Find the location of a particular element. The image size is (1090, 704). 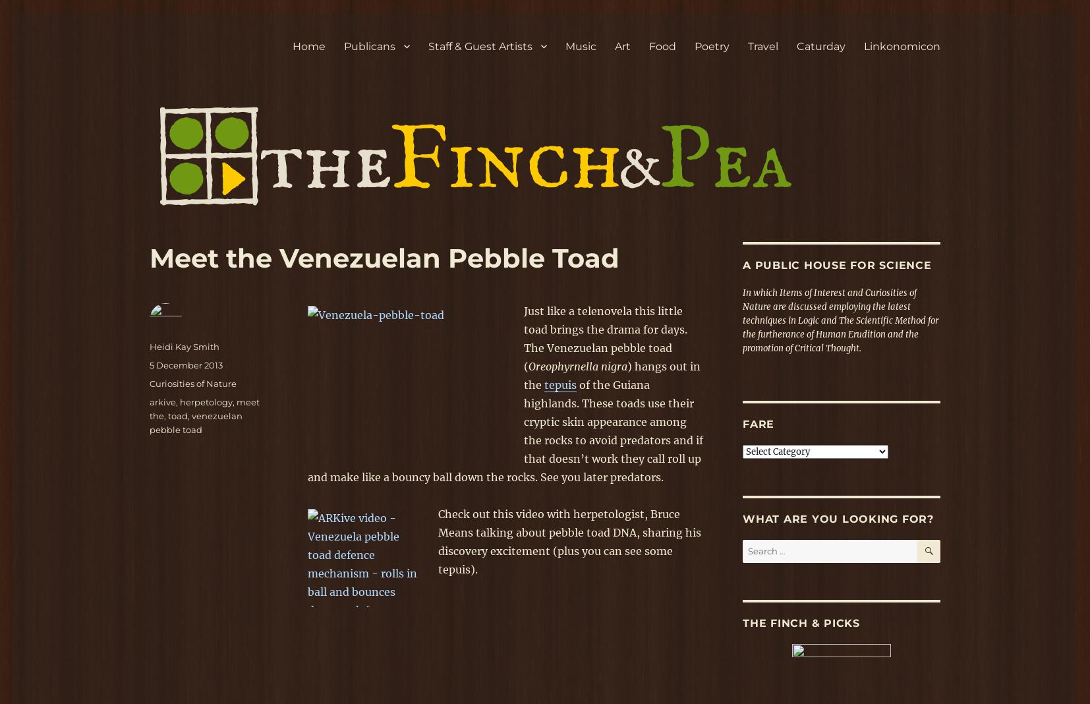

'Art' is located at coordinates (621, 45).